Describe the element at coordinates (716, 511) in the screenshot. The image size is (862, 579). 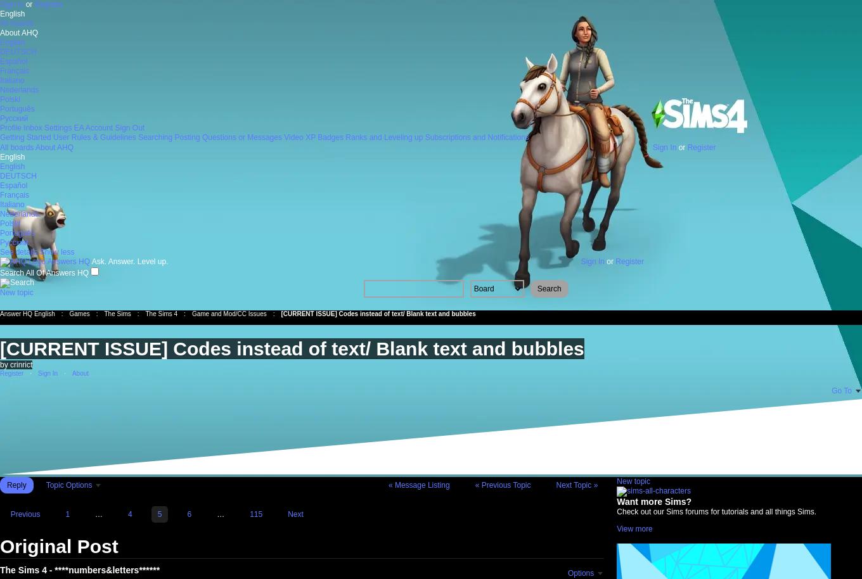
I see `'Check out our Sims forums for tutorials and all things Sims.'` at that location.